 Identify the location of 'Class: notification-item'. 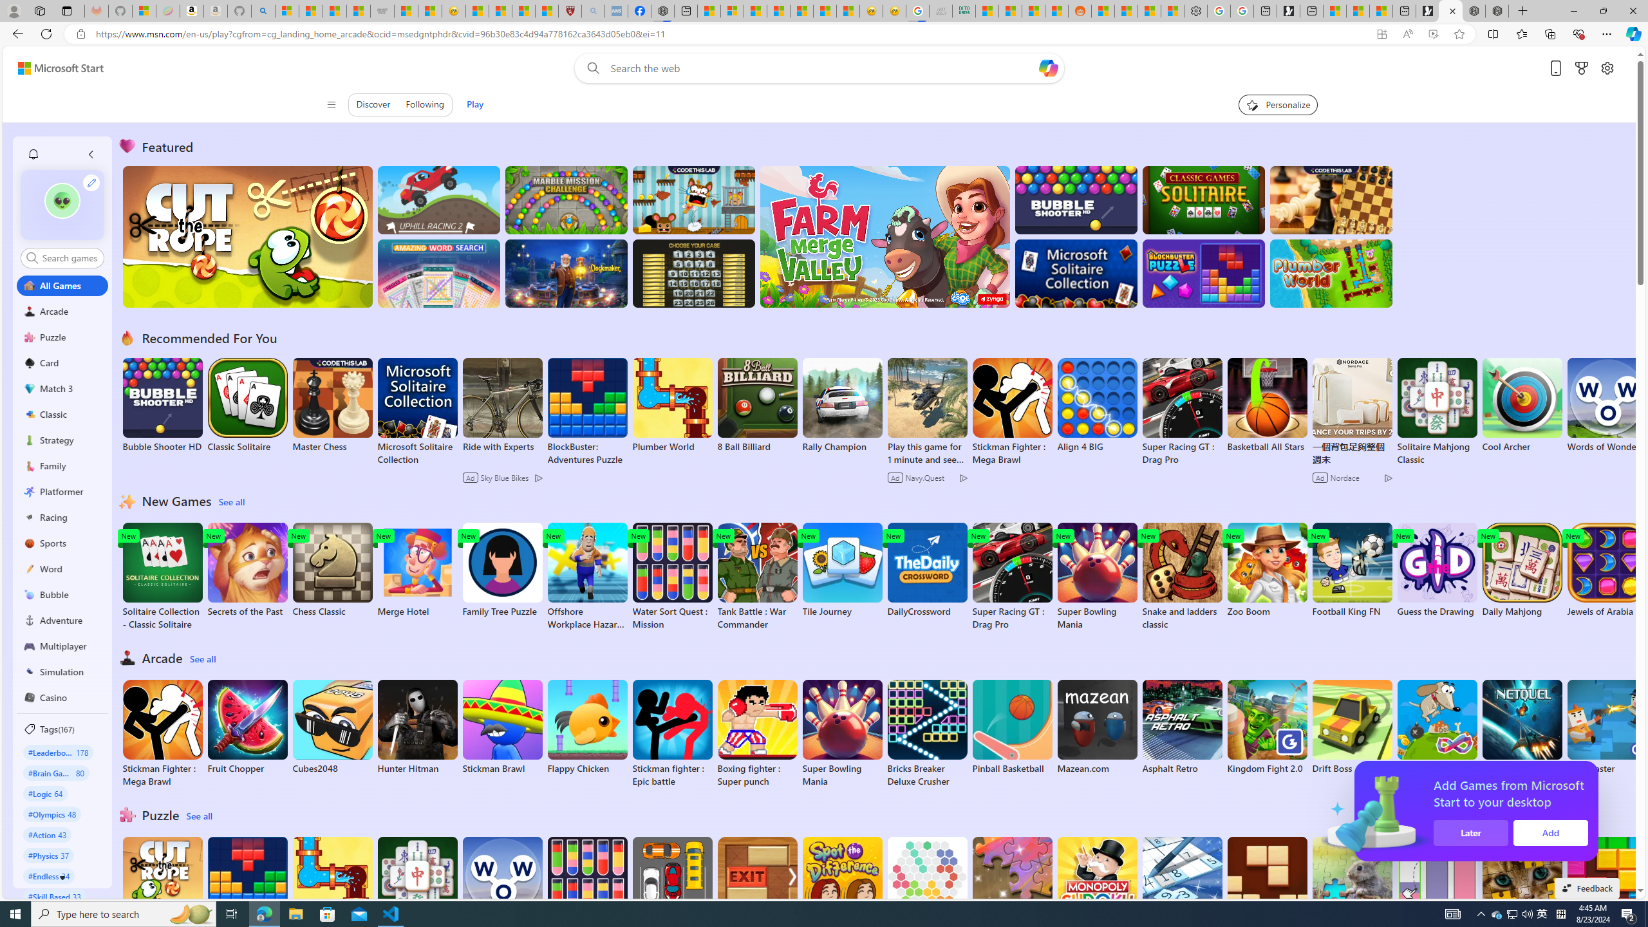
(32, 154).